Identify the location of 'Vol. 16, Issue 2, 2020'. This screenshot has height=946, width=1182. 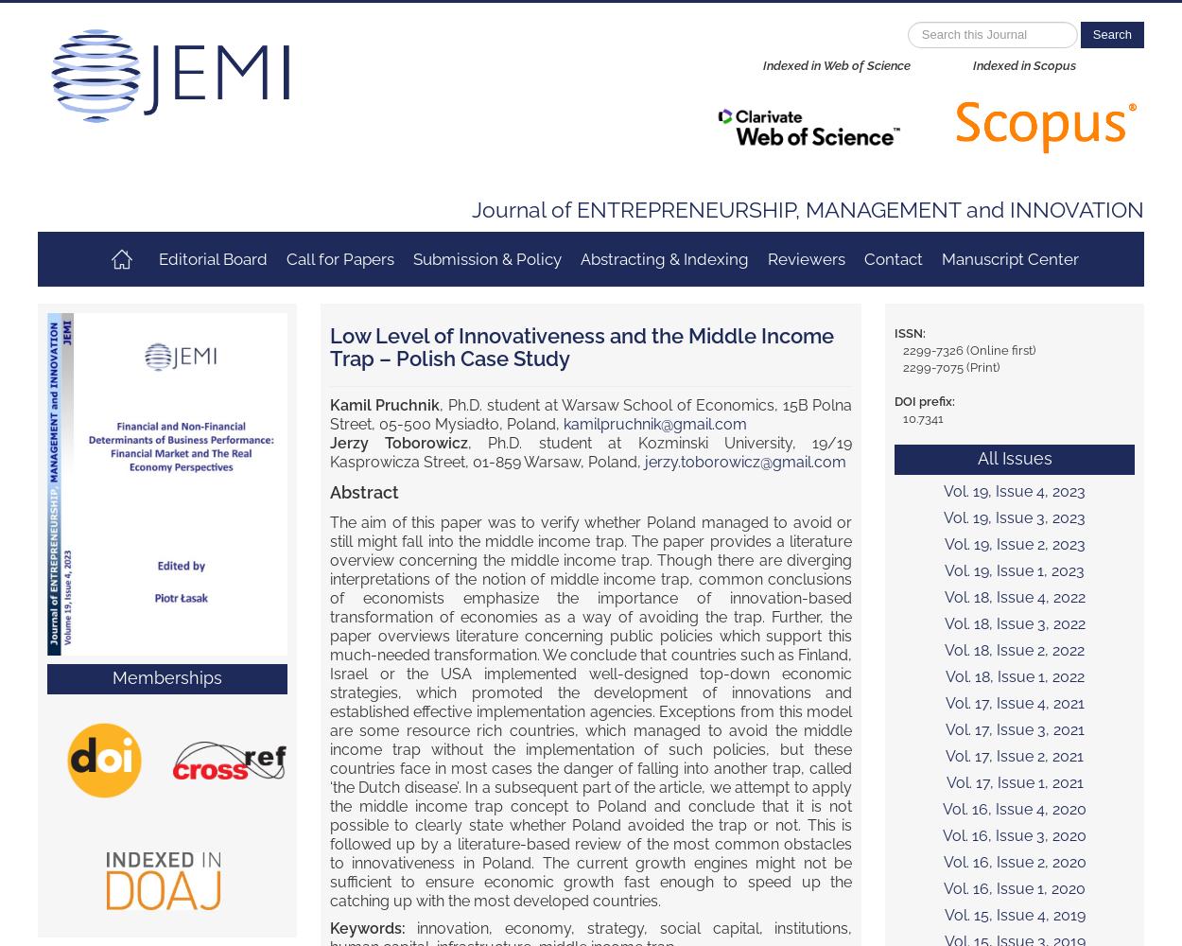
(1013, 862).